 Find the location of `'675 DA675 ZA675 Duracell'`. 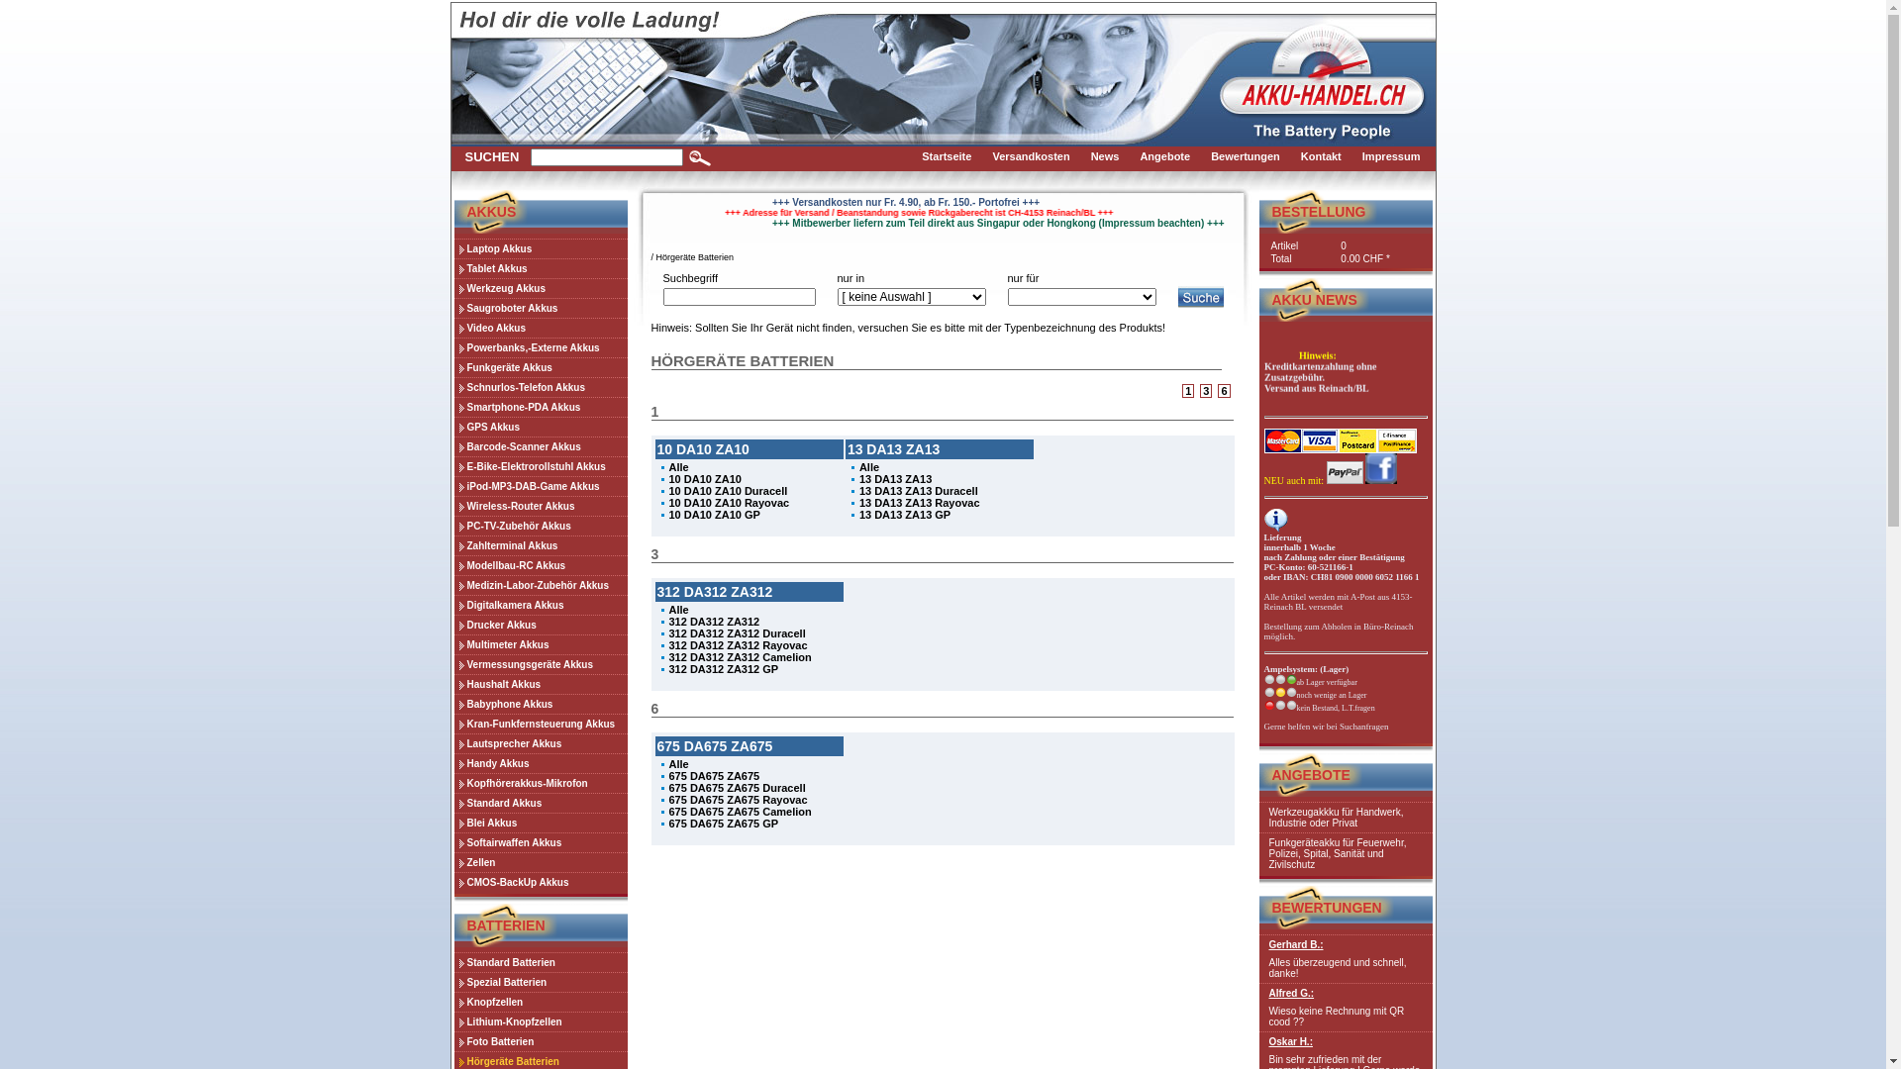

'675 DA675 ZA675 Duracell' is located at coordinates (736, 786).